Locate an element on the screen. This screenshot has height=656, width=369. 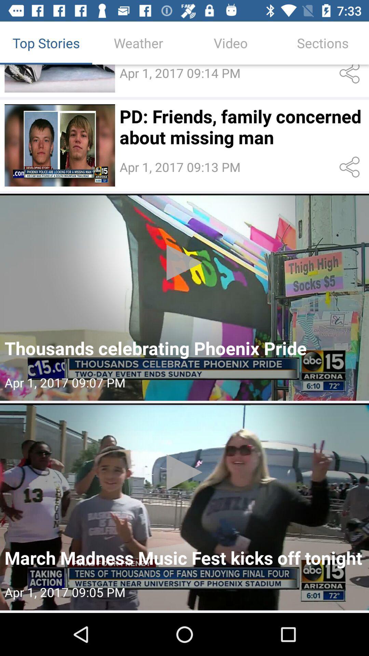
the text video shown next to weather at the top of the page is located at coordinates (231, 42).